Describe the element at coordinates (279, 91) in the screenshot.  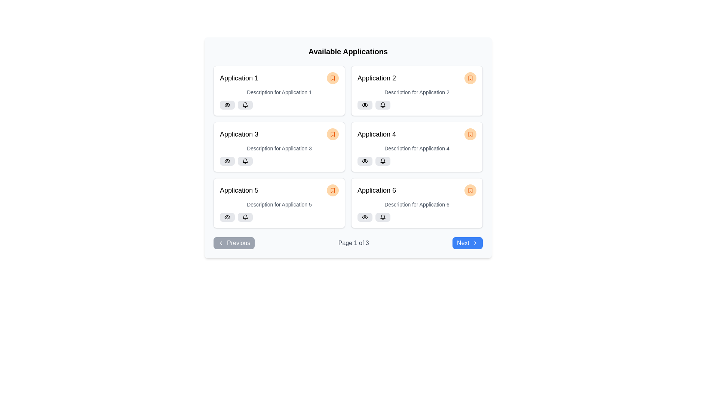
I see `the Interactive Card summarizing an application, located in the top-left corner of the grid layout` at that location.